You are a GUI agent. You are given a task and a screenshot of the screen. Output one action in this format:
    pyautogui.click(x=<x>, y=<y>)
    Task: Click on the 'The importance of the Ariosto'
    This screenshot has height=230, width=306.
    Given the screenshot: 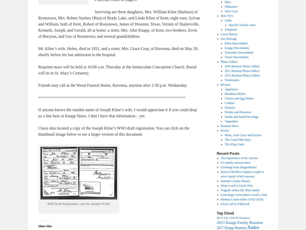 What is the action you would take?
    pyautogui.click(x=239, y=158)
    